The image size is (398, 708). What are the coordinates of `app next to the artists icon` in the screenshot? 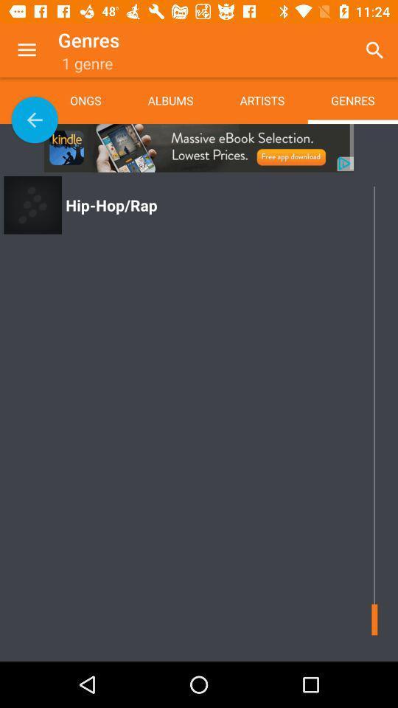 It's located at (374, 50).